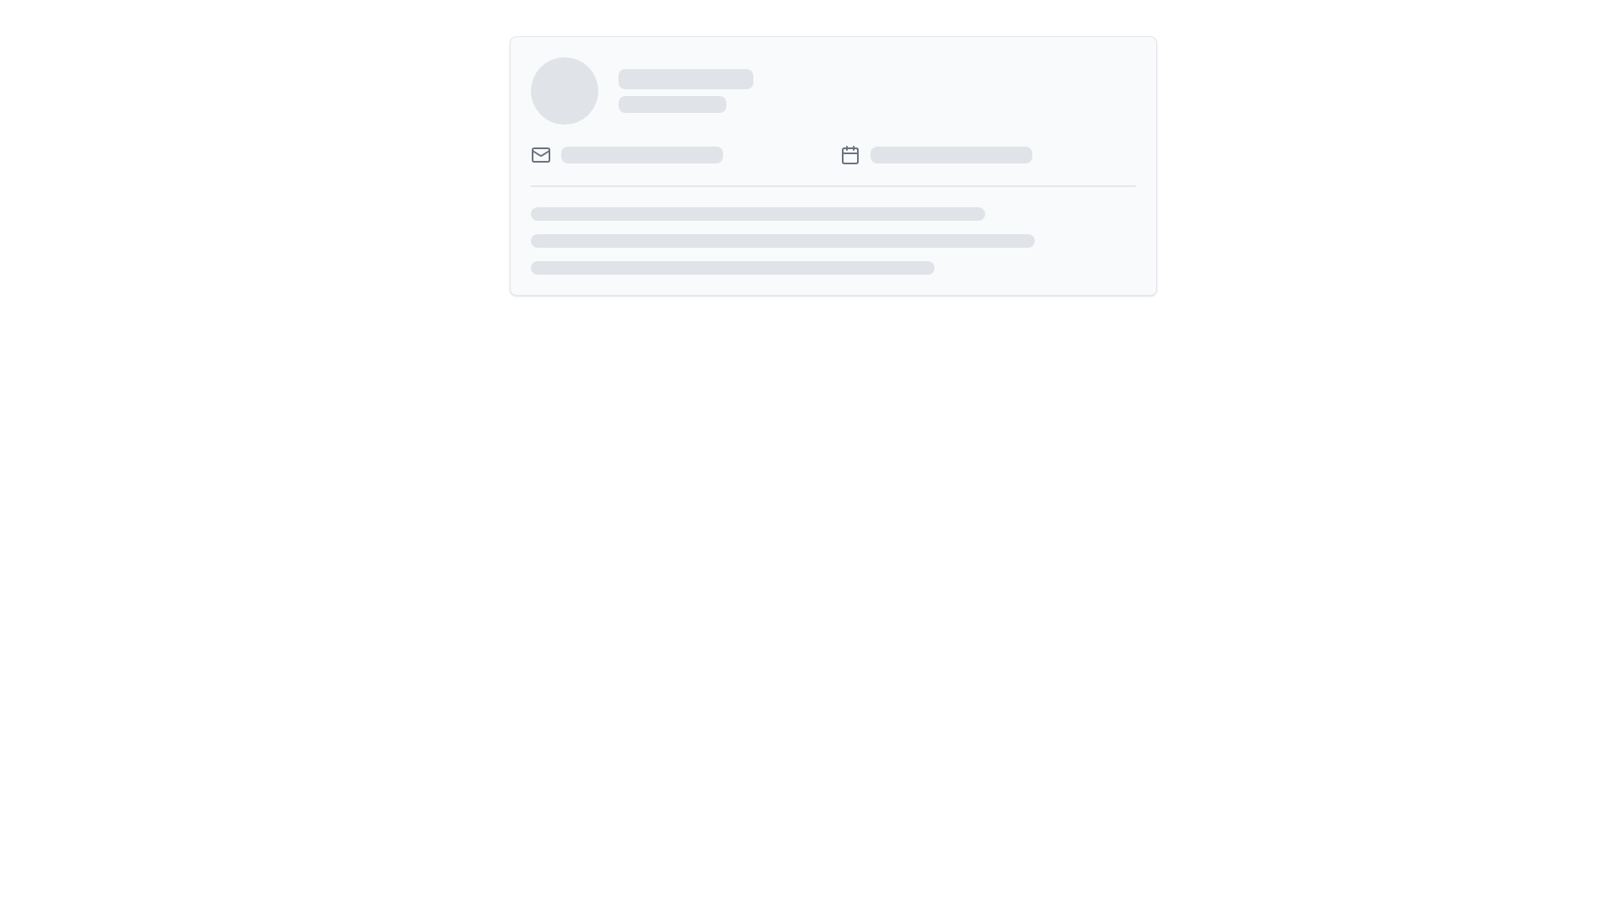 The width and height of the screenshot is (1618, 910). I want to click on the Loading animation bar, which is the third element in a vertical stack of three similar horizontal bars with a gray background and rounded ends, so click(732, 266).